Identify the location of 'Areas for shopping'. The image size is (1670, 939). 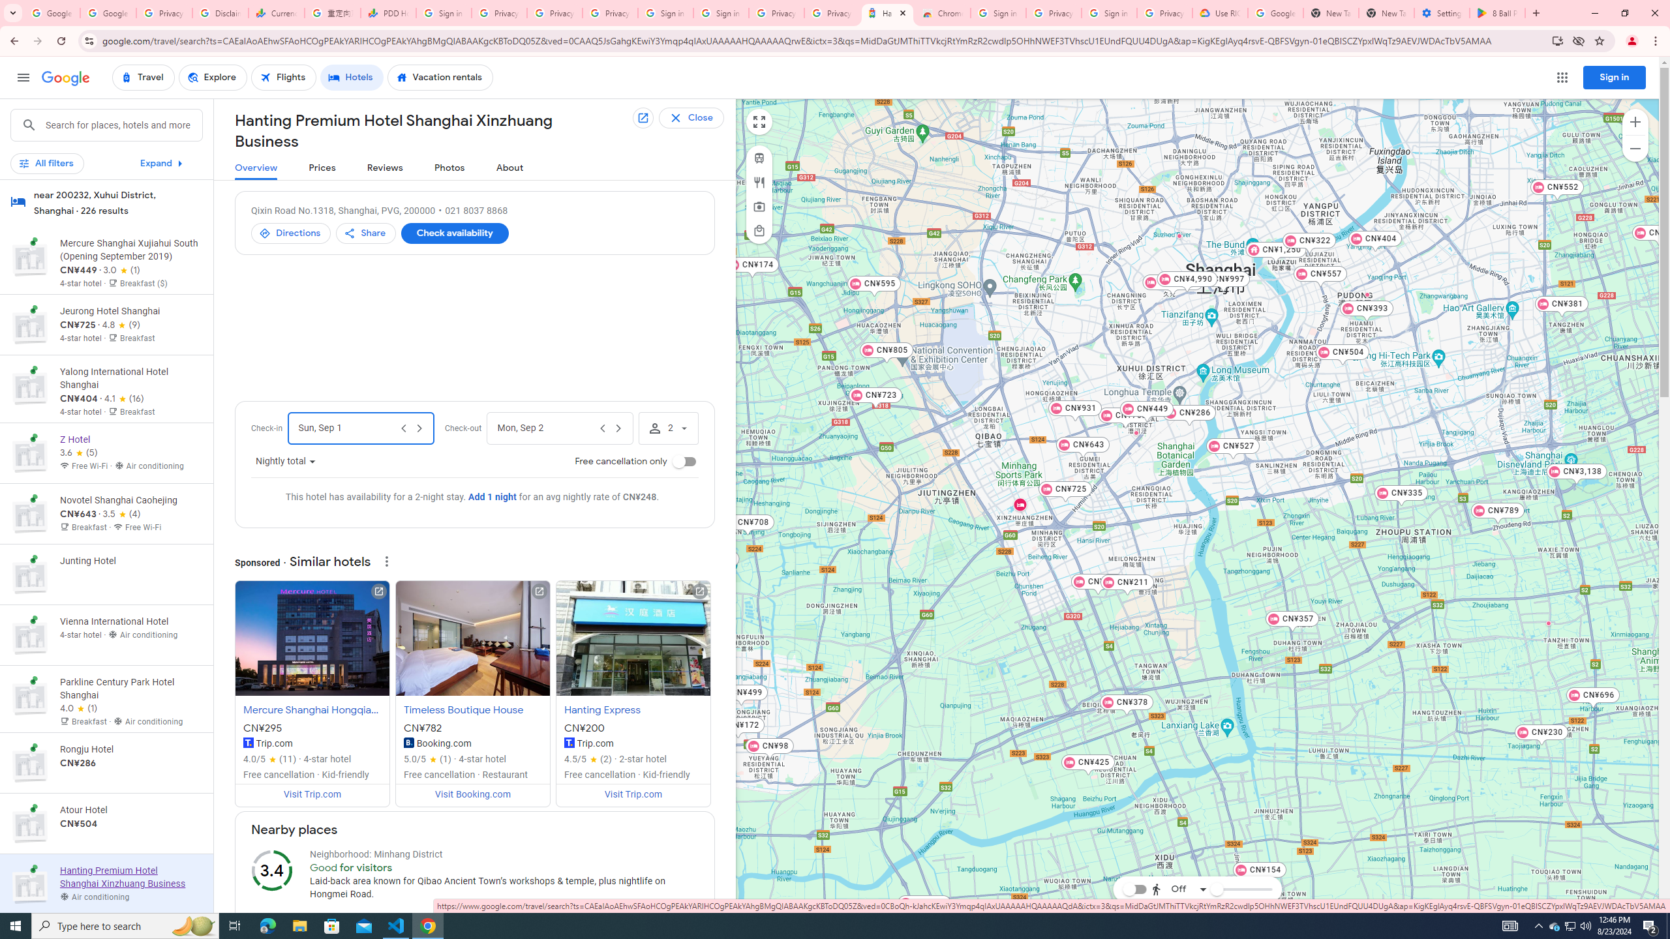
(758, 230).